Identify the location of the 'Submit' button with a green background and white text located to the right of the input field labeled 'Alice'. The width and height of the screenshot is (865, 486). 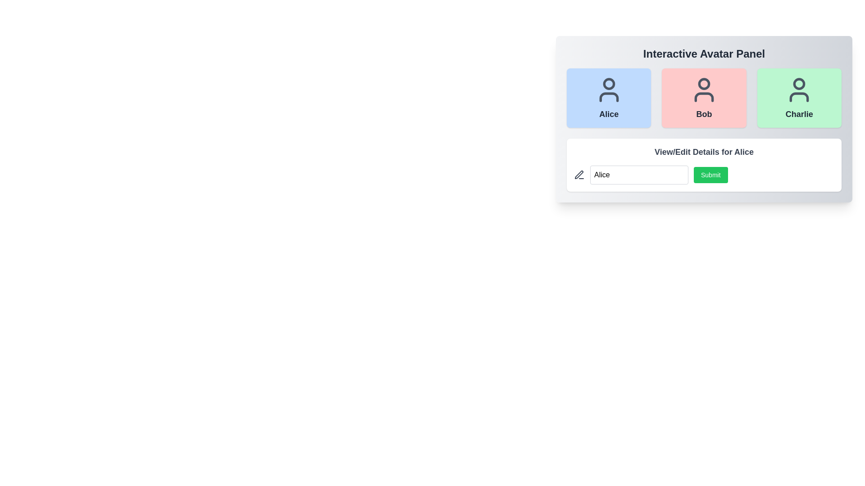
(704, 175).